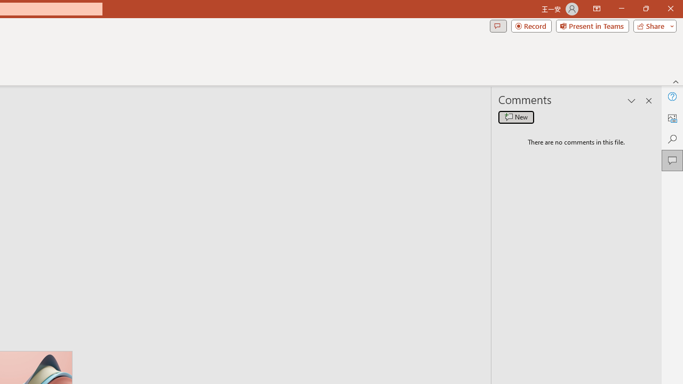  What do you see at coordinates (672, 118) in the screenshot?
I see `'Alt Text'` at bounding box center [672, 118].